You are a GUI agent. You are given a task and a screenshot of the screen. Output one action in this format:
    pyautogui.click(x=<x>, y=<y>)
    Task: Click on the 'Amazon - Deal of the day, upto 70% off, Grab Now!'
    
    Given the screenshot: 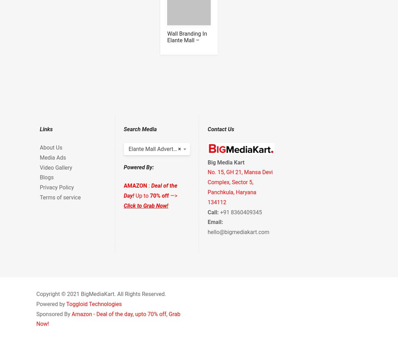 What is the action you would take?
    pyautogui.click(x=108, y=318)
    